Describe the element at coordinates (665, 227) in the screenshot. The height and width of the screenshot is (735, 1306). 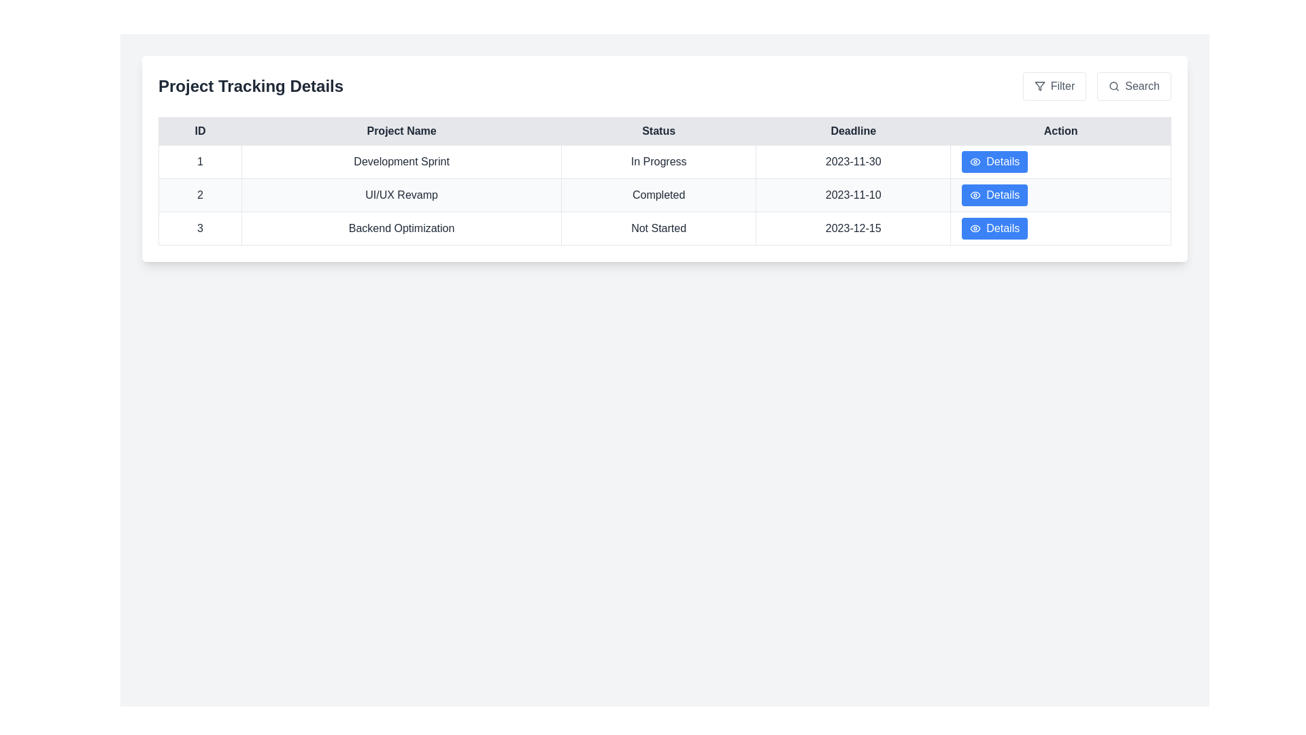
I see `information in the third row of the project tracking table, which contains details about the project 'Backend Optimization'` at that location.